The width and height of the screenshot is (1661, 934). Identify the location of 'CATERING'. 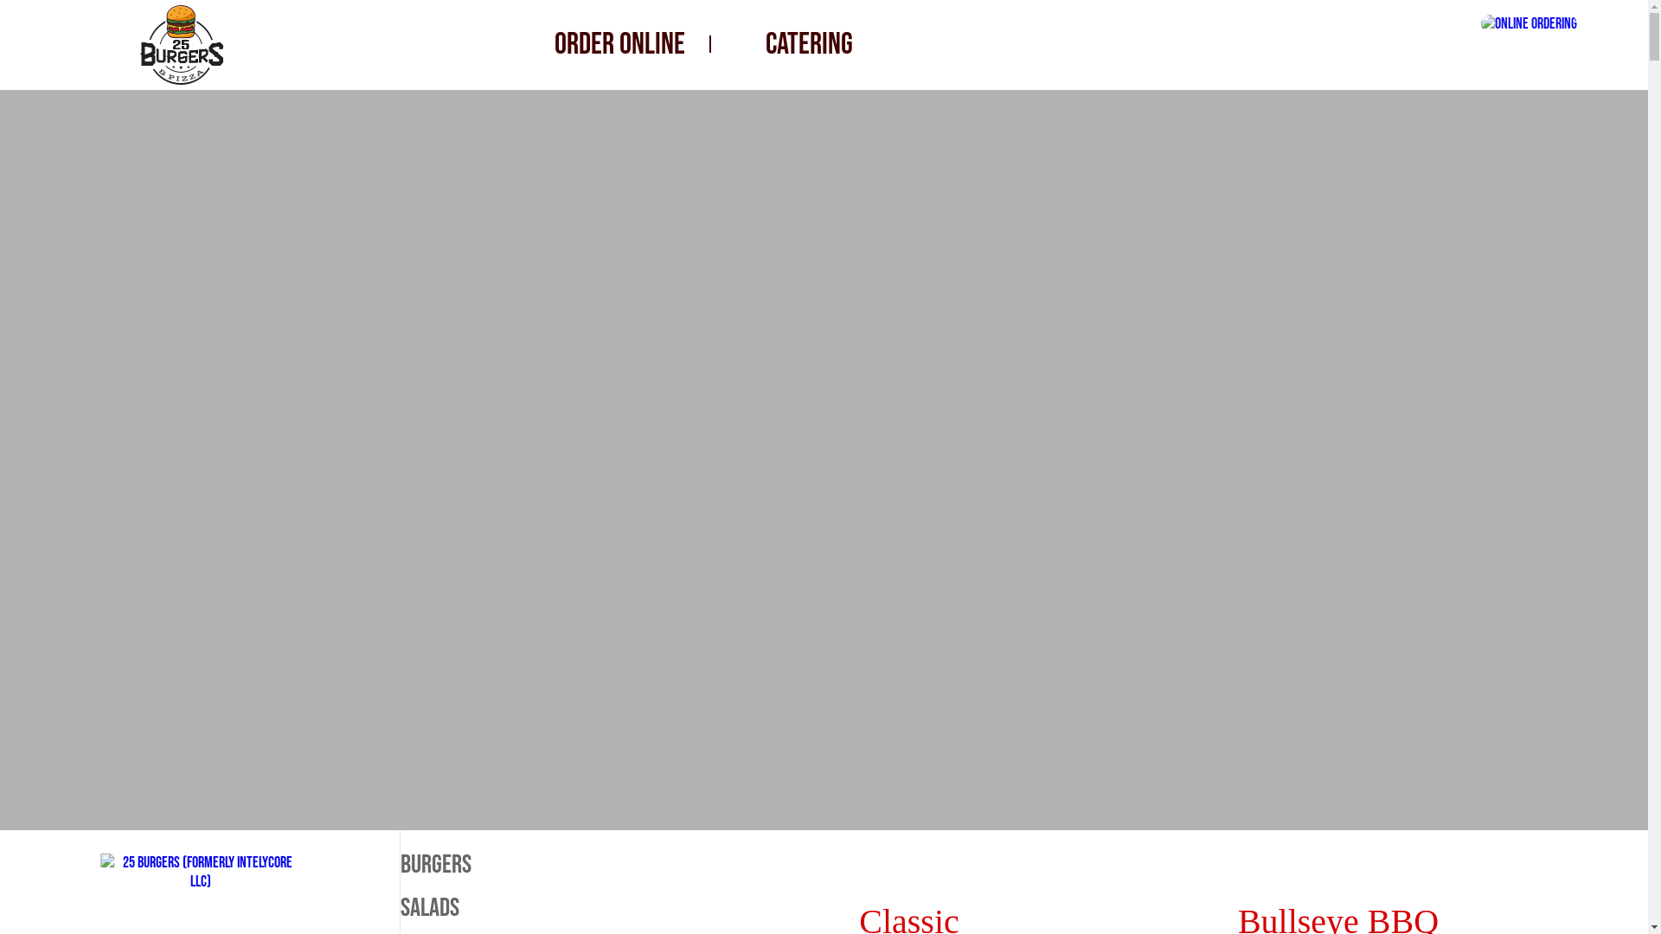
(808, 43).